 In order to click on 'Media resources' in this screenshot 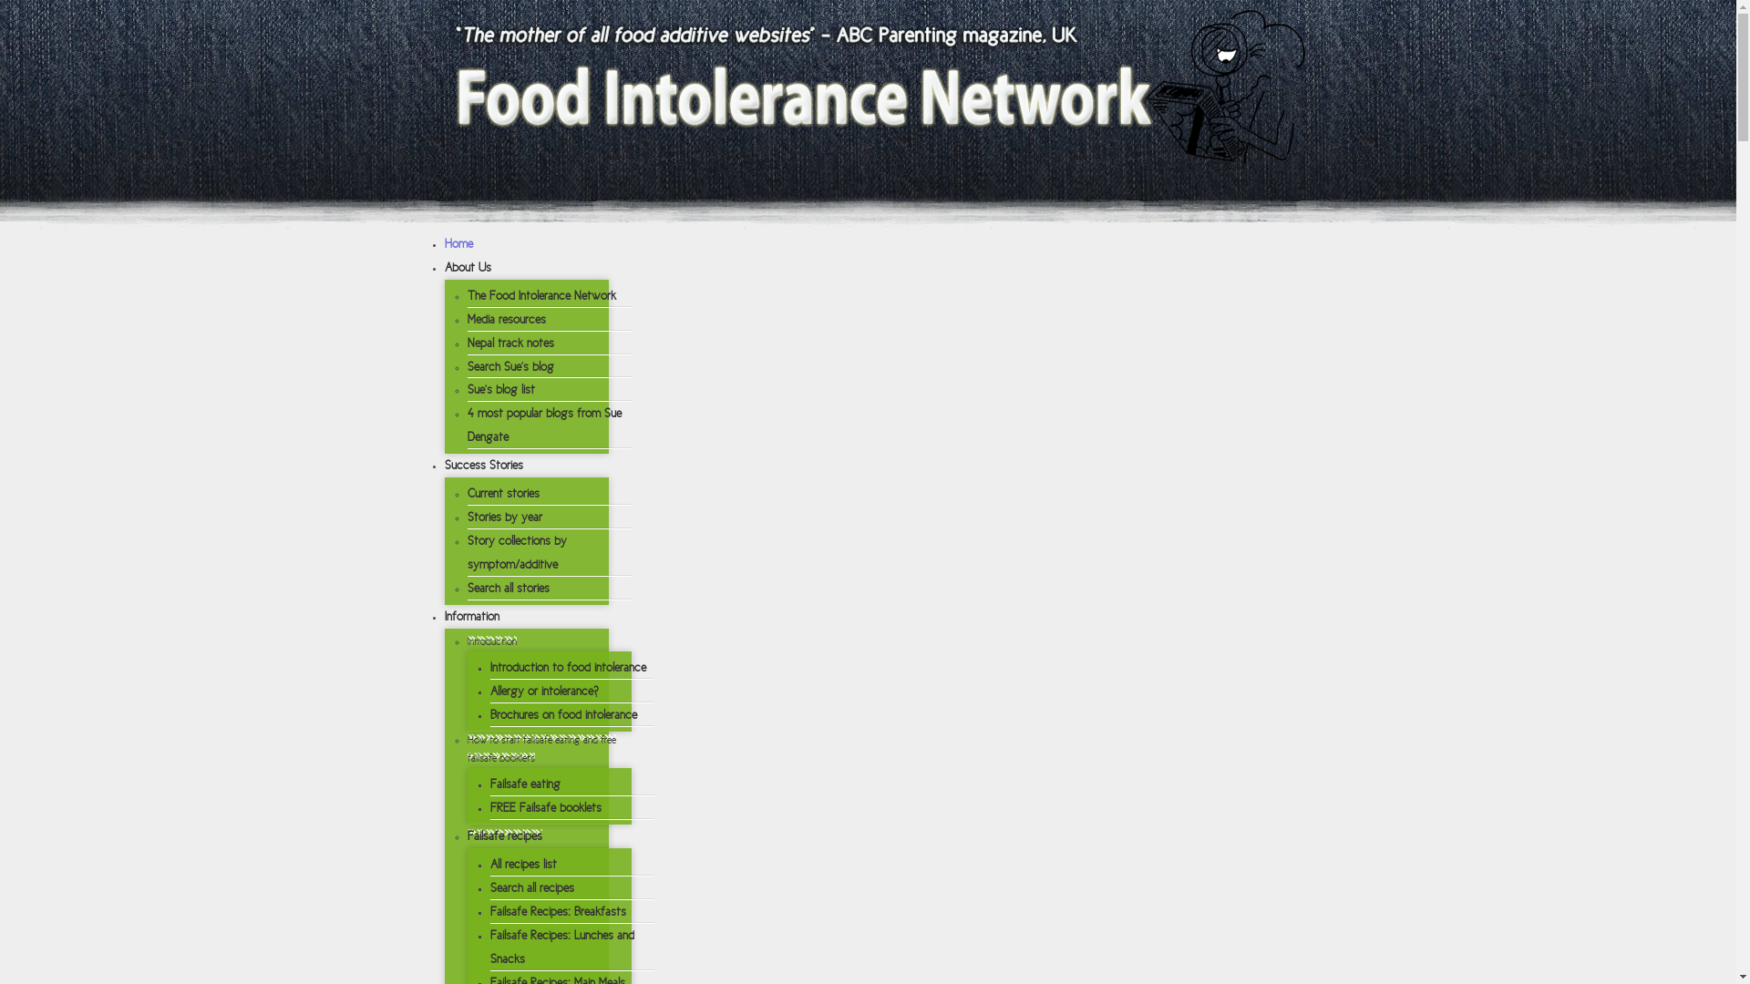, I will do `click(506, 318)`.